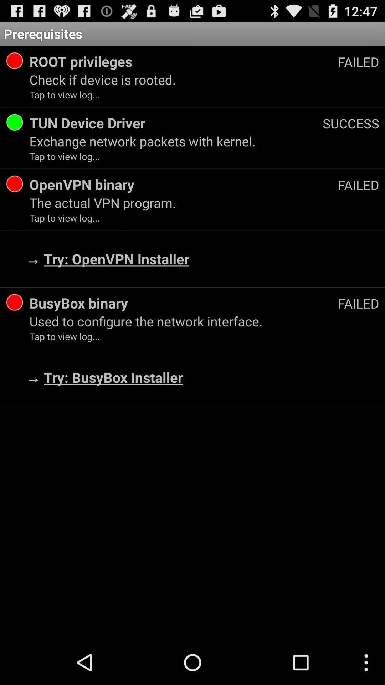 Image resolution: width=385 pixels, height=685 pixels. Describe the element at coordinates (176, 123) in the screenshot. I see `item to the left of the success` at that location.